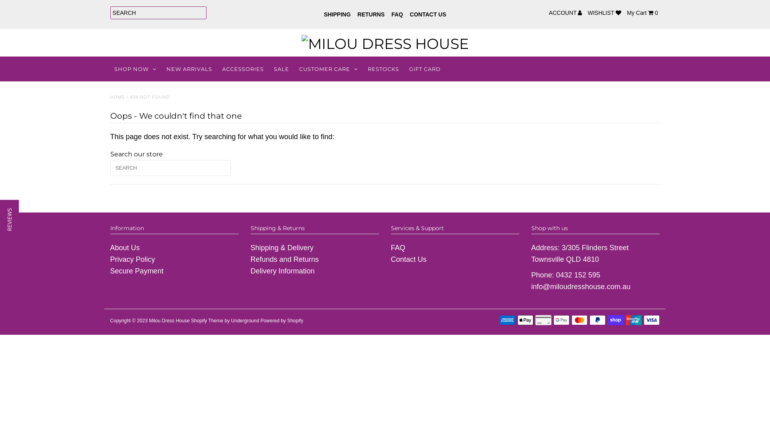  I want to click on 'Shipping & Delivery', so click(282, 247).